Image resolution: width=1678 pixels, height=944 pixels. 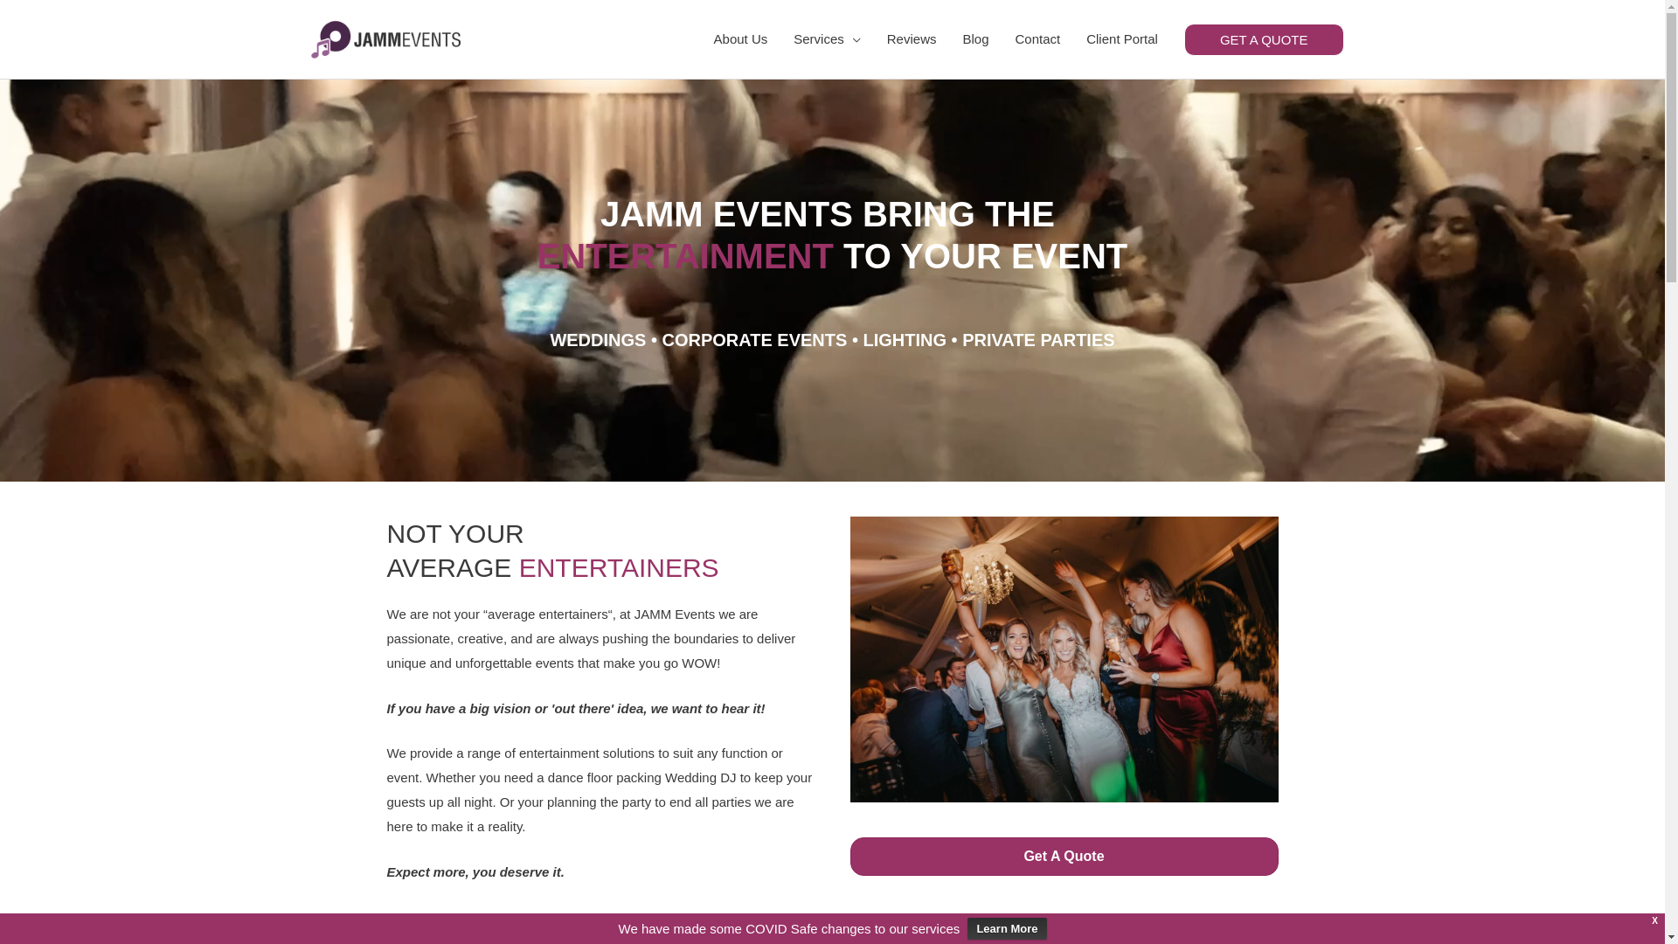 I want to click on 'GET A QUOTE', so click(x=1264, y=38).